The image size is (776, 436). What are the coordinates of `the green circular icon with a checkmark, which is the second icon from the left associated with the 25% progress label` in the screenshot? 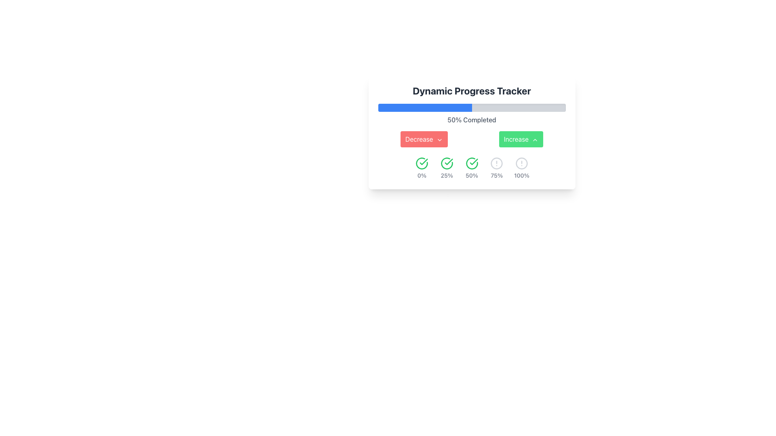 It's located at (446, 163).